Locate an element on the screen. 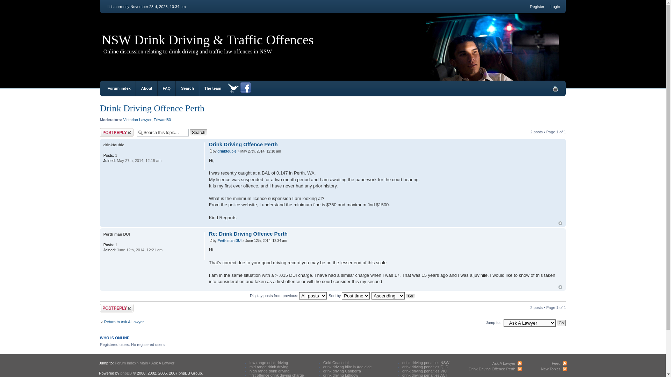 Image resolution: width=671 pixels, height=377 pixels. 'About' is located at coordinates (146, 88).